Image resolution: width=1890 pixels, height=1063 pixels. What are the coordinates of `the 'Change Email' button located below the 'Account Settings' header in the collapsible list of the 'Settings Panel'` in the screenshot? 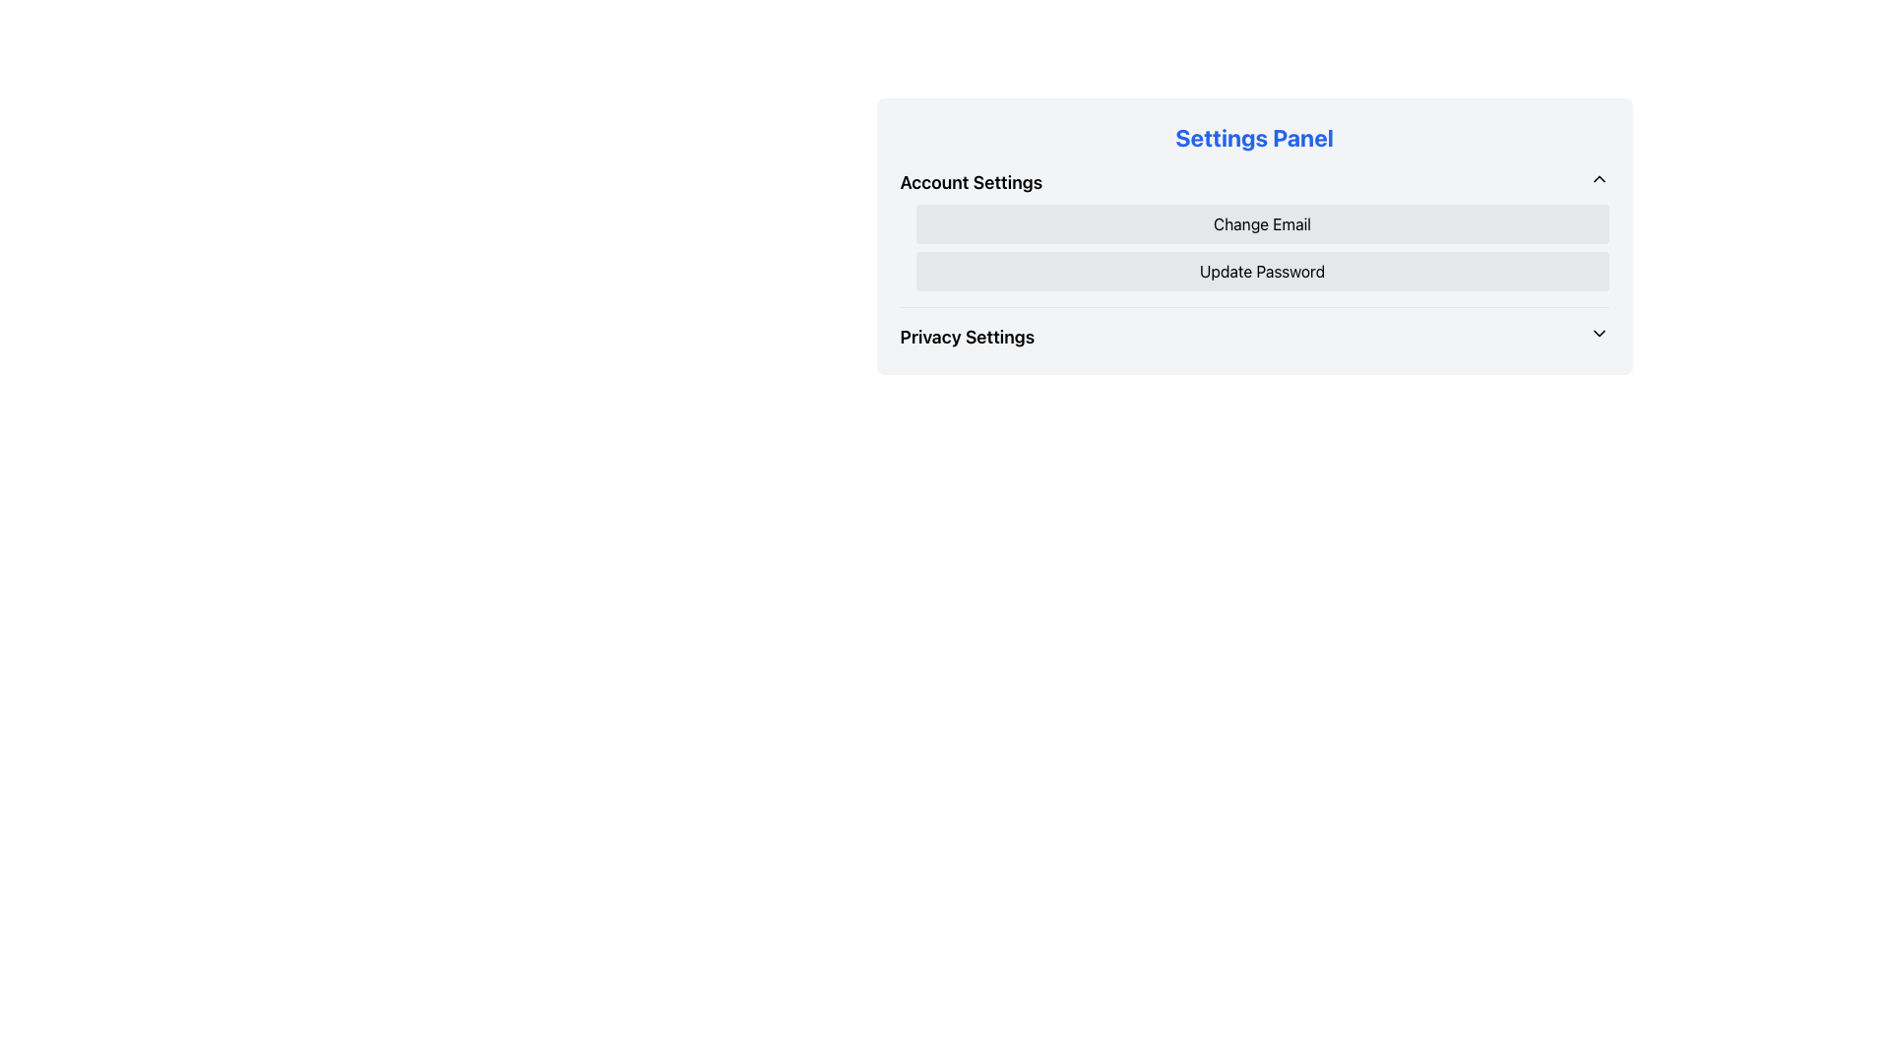 It's located at (1253, 237).